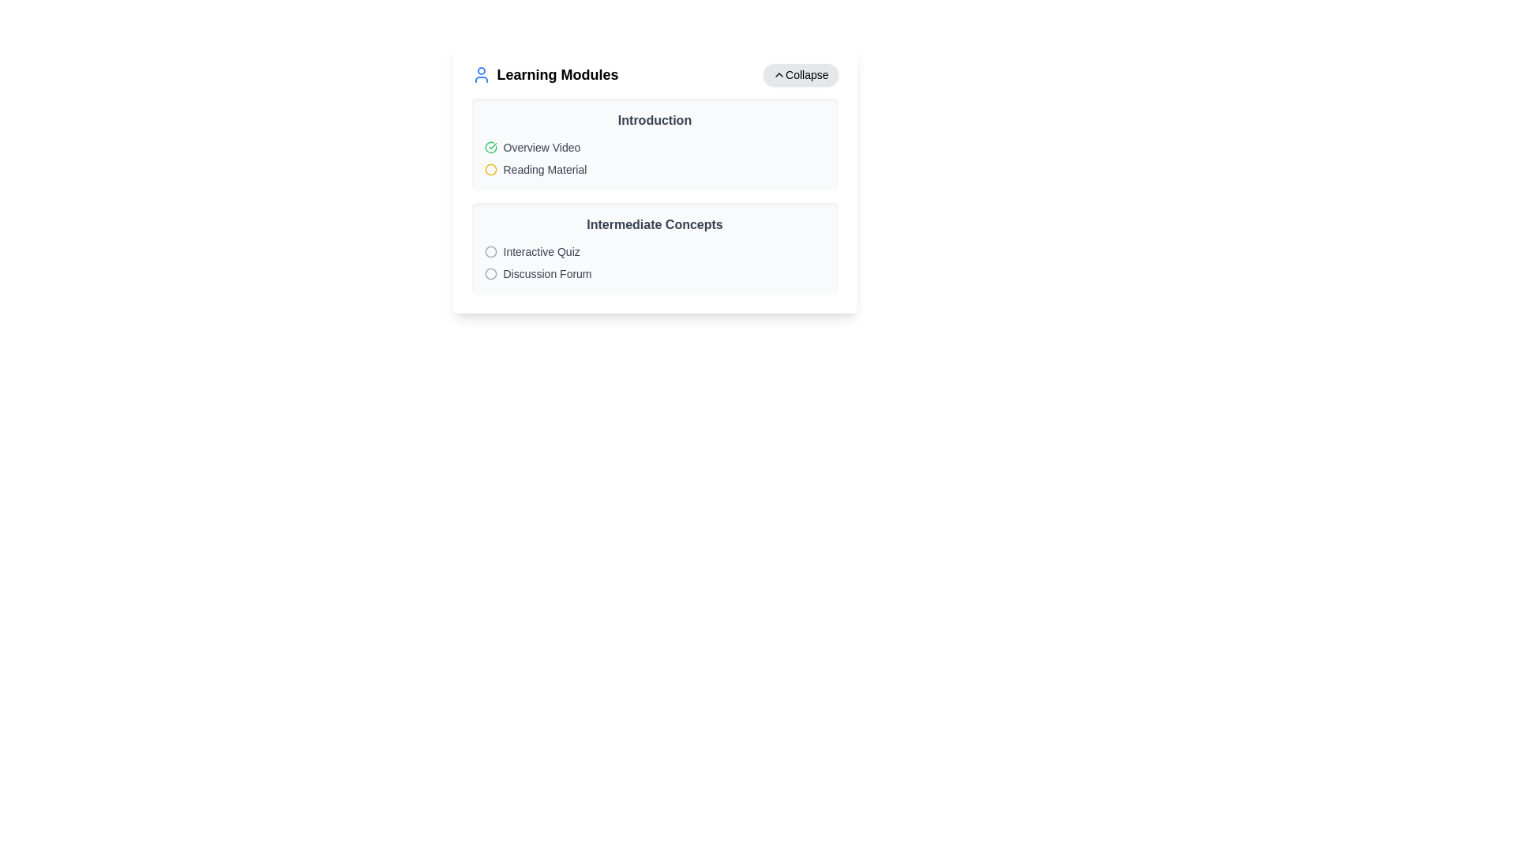 The image size is (1516, 853). I want to click on to select the 'Interactive Quiz' list item, which is the first item under the 'Intermediate Concepts' section, so click(655, 251).